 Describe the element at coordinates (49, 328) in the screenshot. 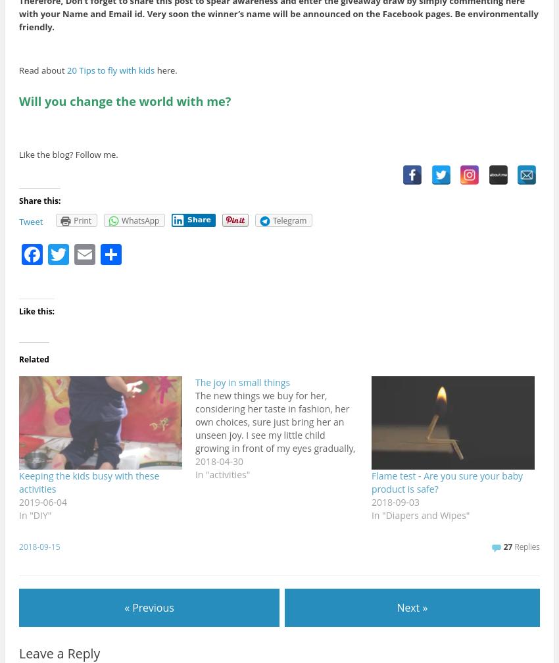

I see `'Facebook'` at that location.